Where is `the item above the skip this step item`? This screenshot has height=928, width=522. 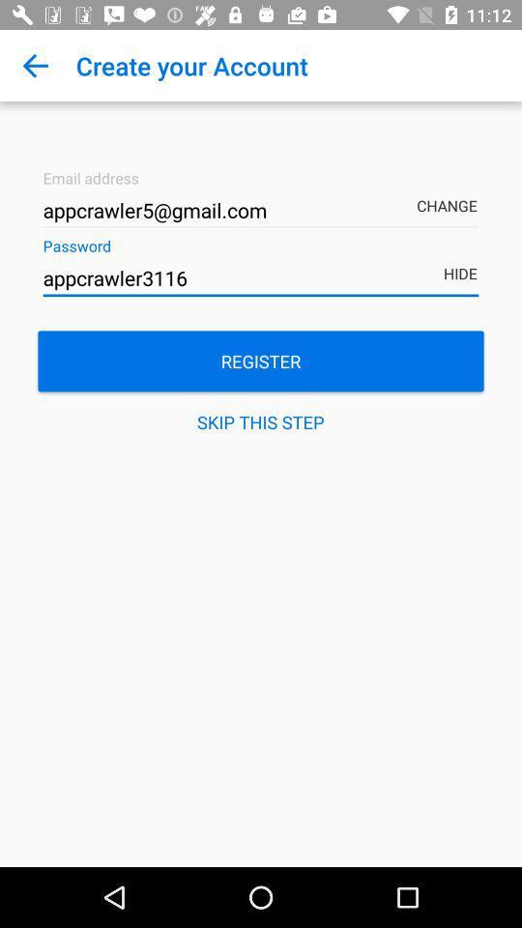
the item above the skip this step item is located at coordinates (261, 360).